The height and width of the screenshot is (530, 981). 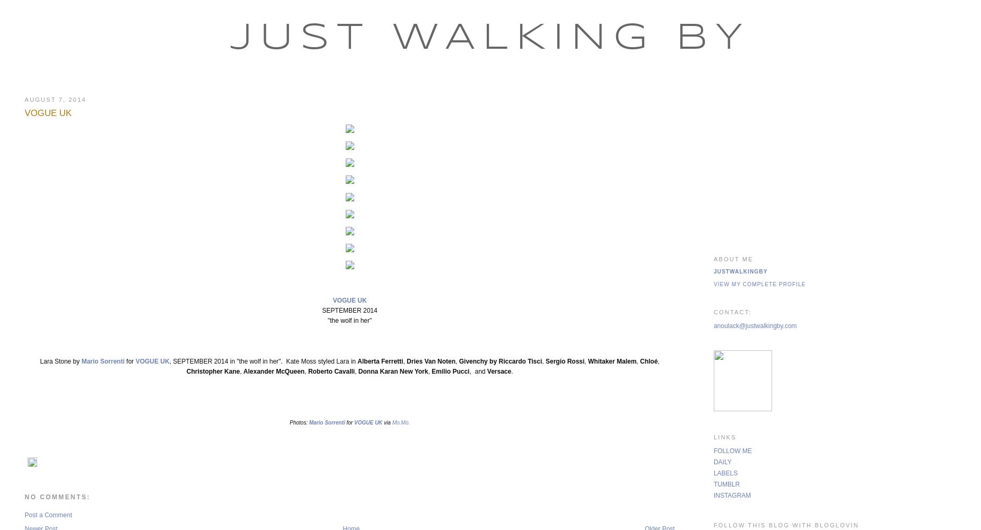 What do you see at coordinates (500, 361) in the screenshot?
I see `'Givenchy by Riccardo Tisci'` at bounding box center [500, 361].